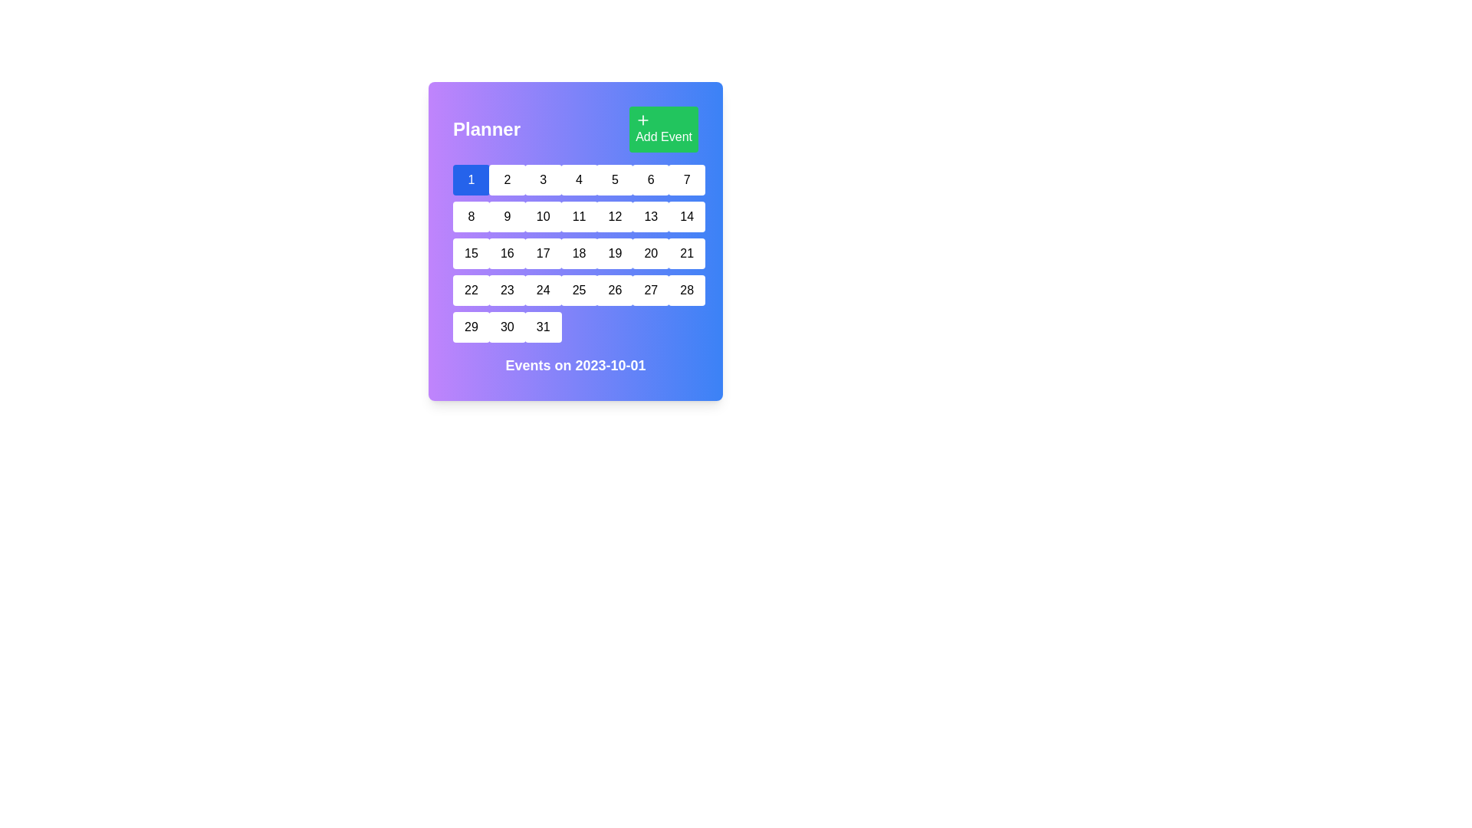 This screenshot has width=1472, height=828. Describe the element at coordinates (686, 290) in the screenshot. I see `the button representing the 28th day of the calendar month` at that location.